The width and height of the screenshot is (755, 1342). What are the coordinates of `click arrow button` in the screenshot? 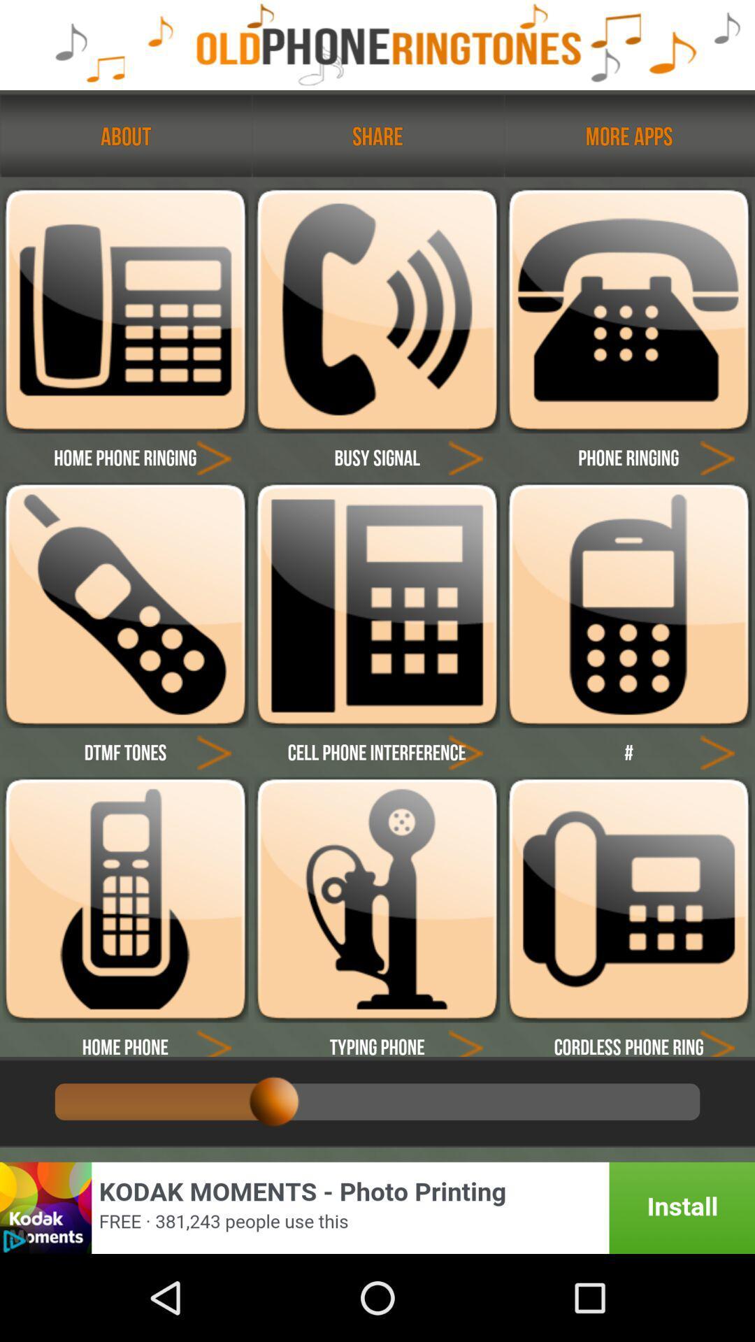 It's located at (466, 751).